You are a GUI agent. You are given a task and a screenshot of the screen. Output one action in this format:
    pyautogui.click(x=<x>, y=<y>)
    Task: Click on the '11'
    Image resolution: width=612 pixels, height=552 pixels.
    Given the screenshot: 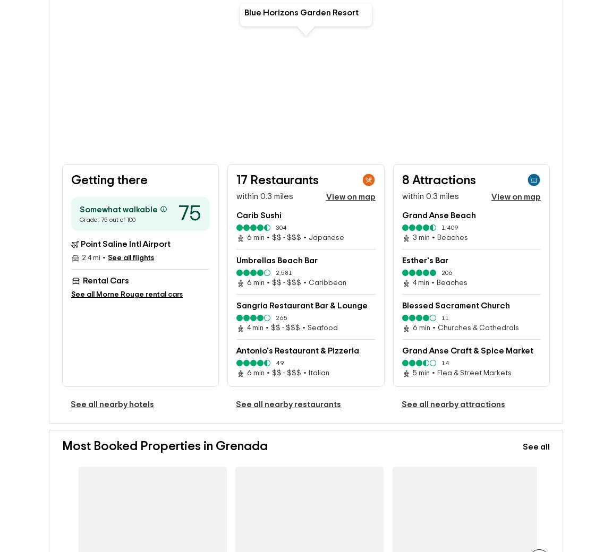 What is the action you would take?
    pyautogui.click(x=445, y=319)
    